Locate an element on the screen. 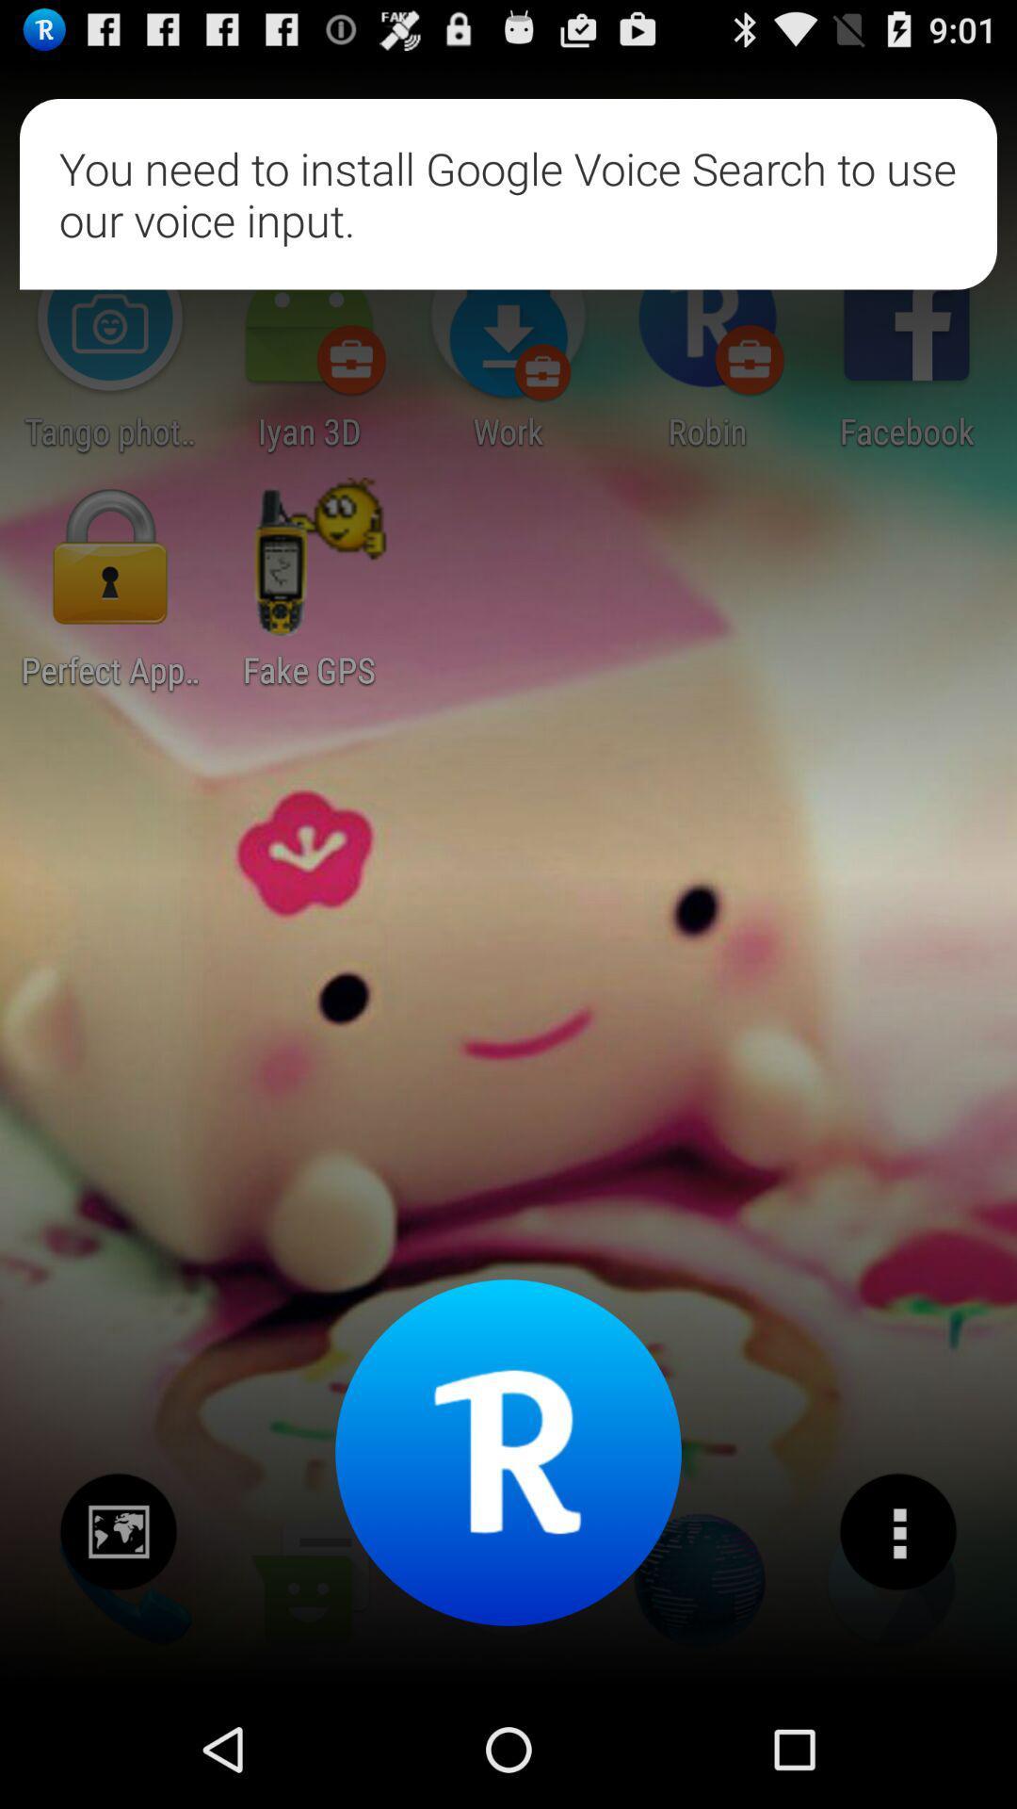  the more icon is located at coordinates (896, 1638).